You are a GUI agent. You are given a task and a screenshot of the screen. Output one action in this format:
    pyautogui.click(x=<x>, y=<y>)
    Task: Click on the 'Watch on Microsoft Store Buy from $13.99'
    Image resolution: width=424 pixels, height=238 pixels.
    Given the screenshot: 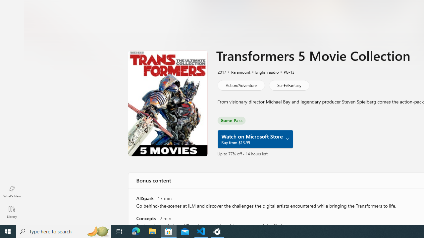 What is the action you would take?
    pyautogui.click(x=254, y=139)
    